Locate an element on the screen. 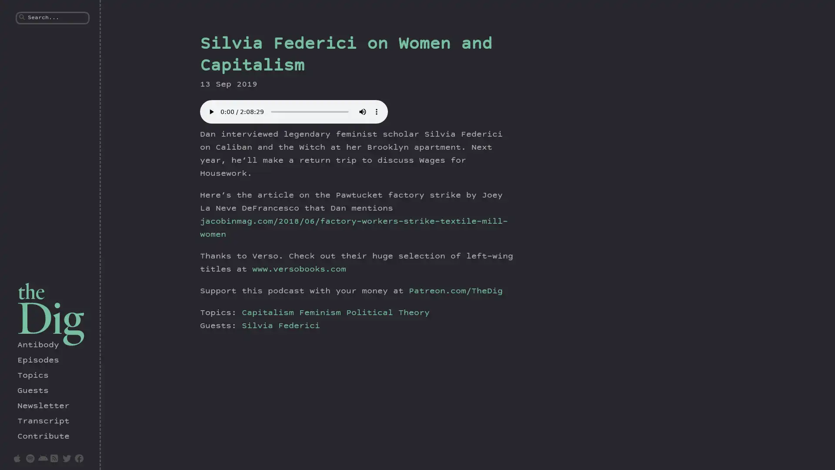 Image resolution: width=835 pixels, height=470 pixels. play is located at coordinates (211, 111).